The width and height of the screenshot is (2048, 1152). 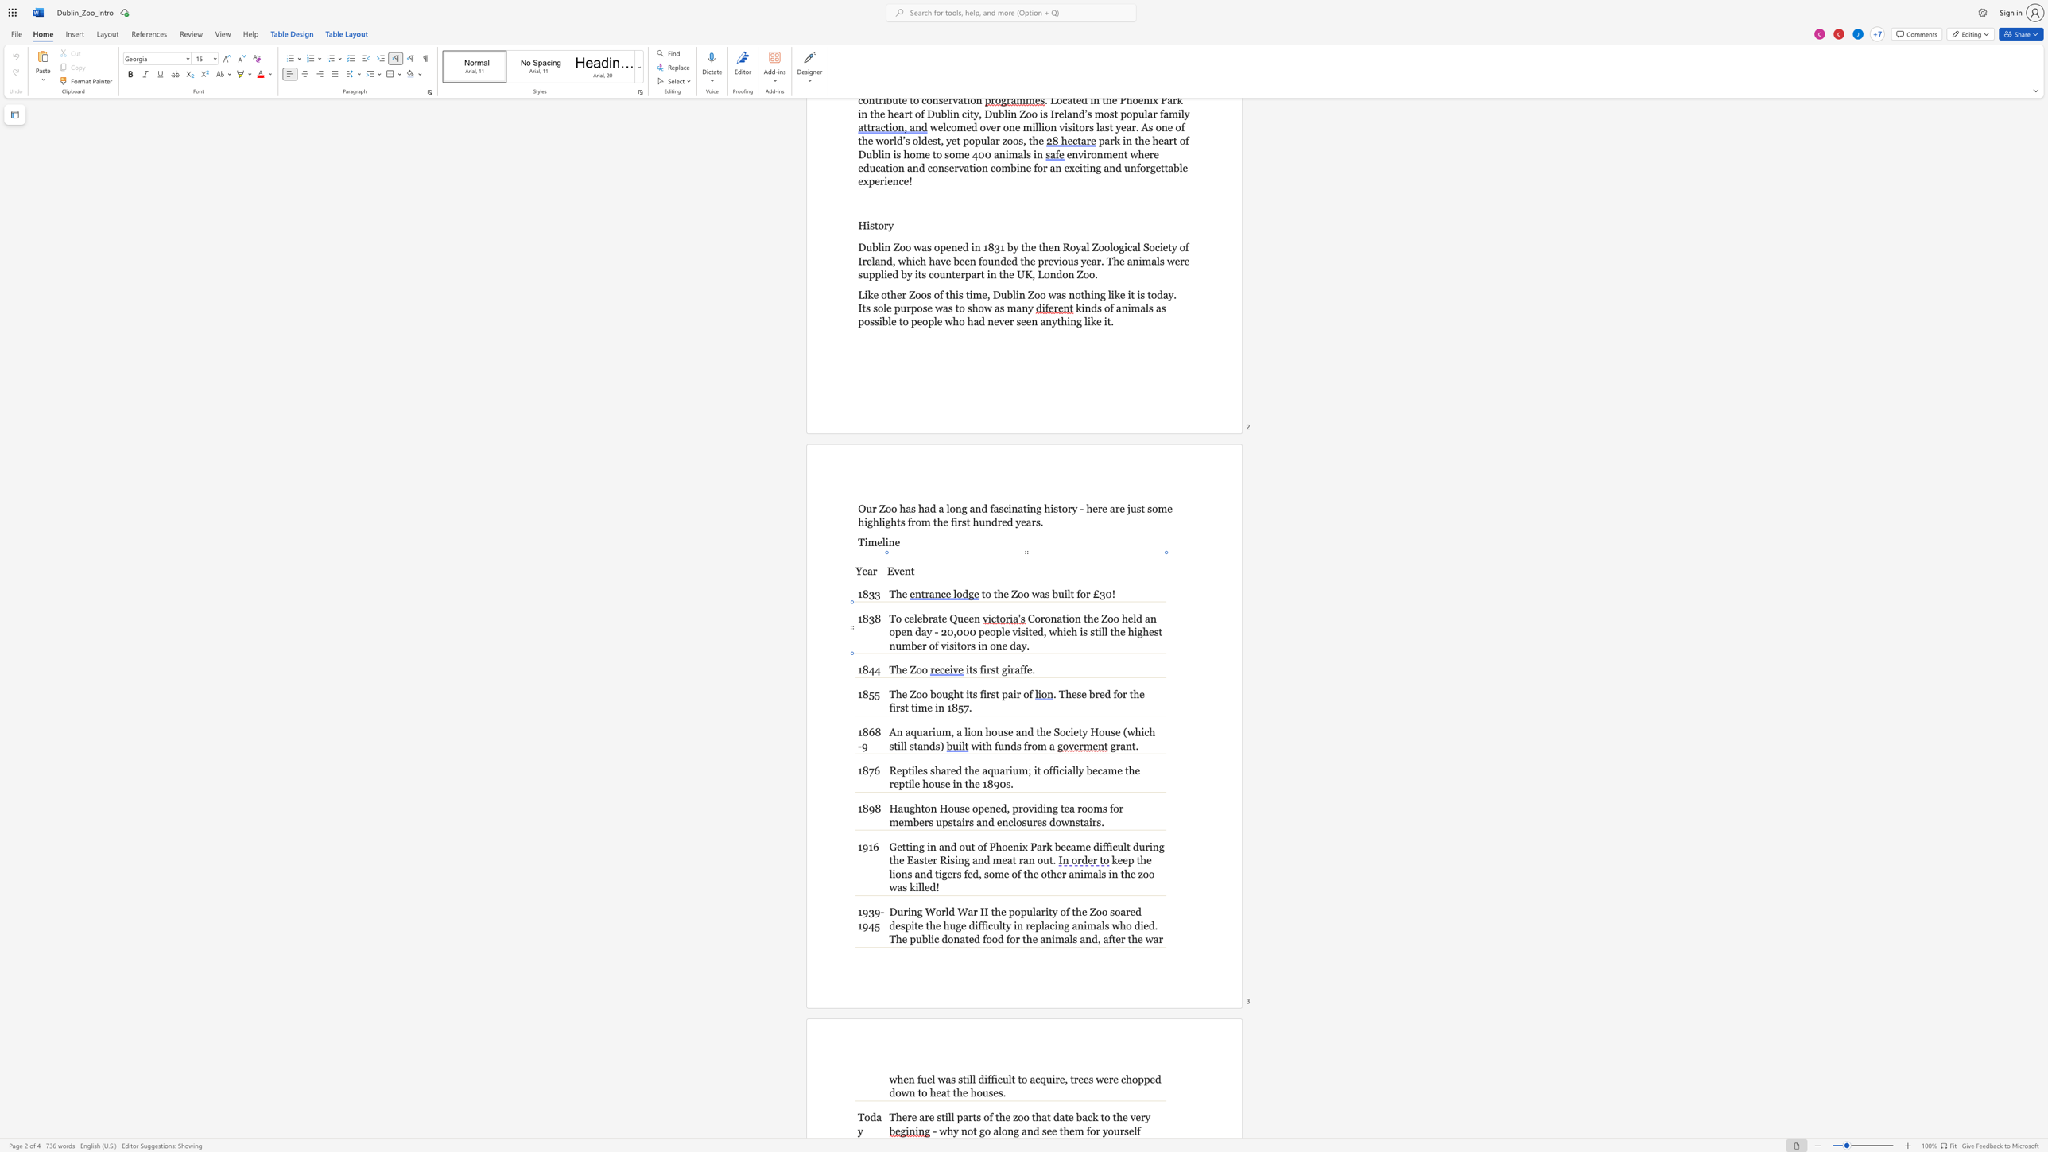 I want to click on the space between the continuous character "g" and "i" in the text, so click(x=1006, y=669).